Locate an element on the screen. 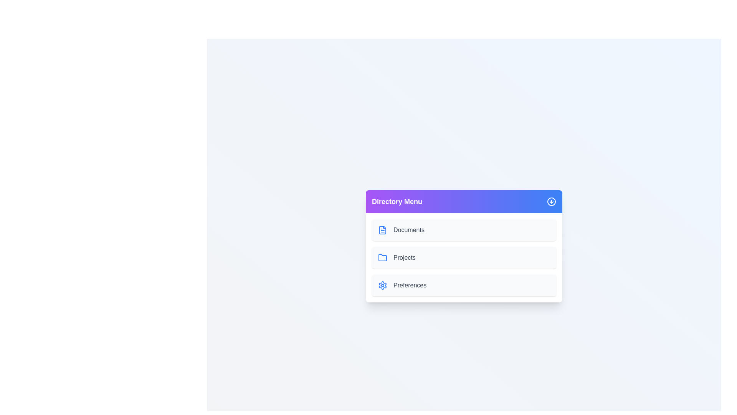  the item Projects to observe its hover effect is located at coordinates (464, 258).